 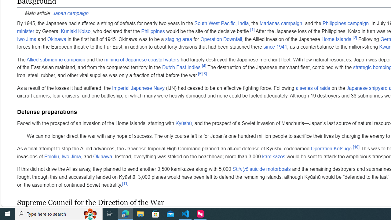 What do you see at coordinates (273, 156) in the screenshot?
I see `'kamikazes'` at bounding box center [273, 156].